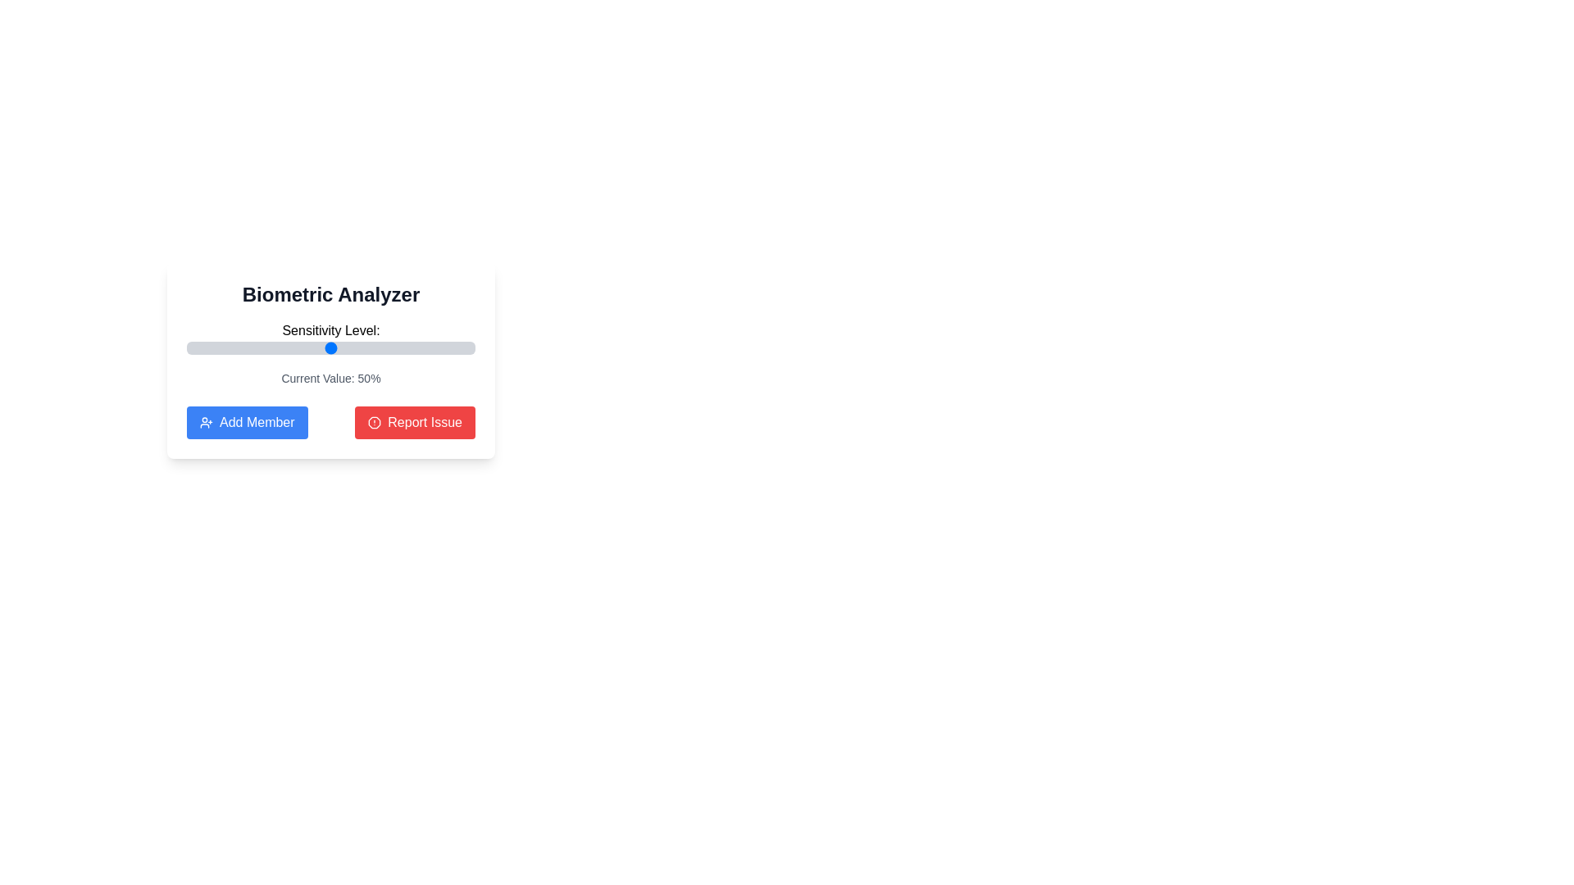 Image resolution: width=1574 pixels, height=885 pixels. What do you see at coordinates (374, 422) in the screenshot?
I see `the compact, red, octagonal icon that serves as a visual cue for warnings or alerts, located to the immediate left of the 'Report Issue' text label` at bounding box center [374, 422].